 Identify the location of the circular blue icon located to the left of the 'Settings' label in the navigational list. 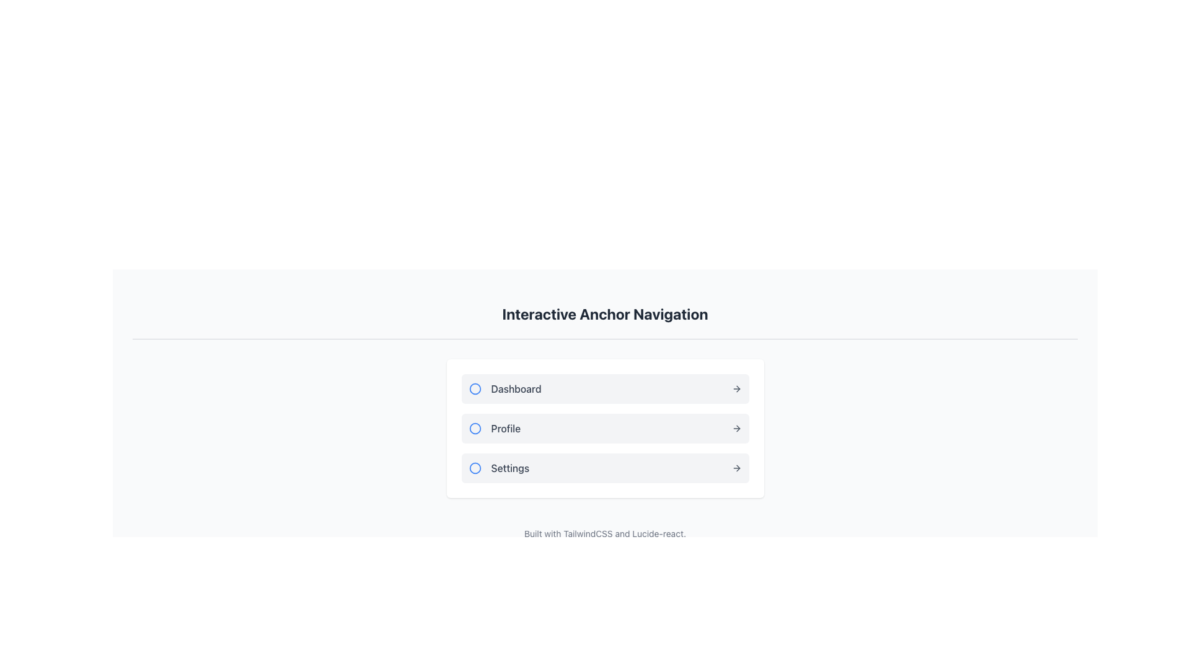
(474, 468).